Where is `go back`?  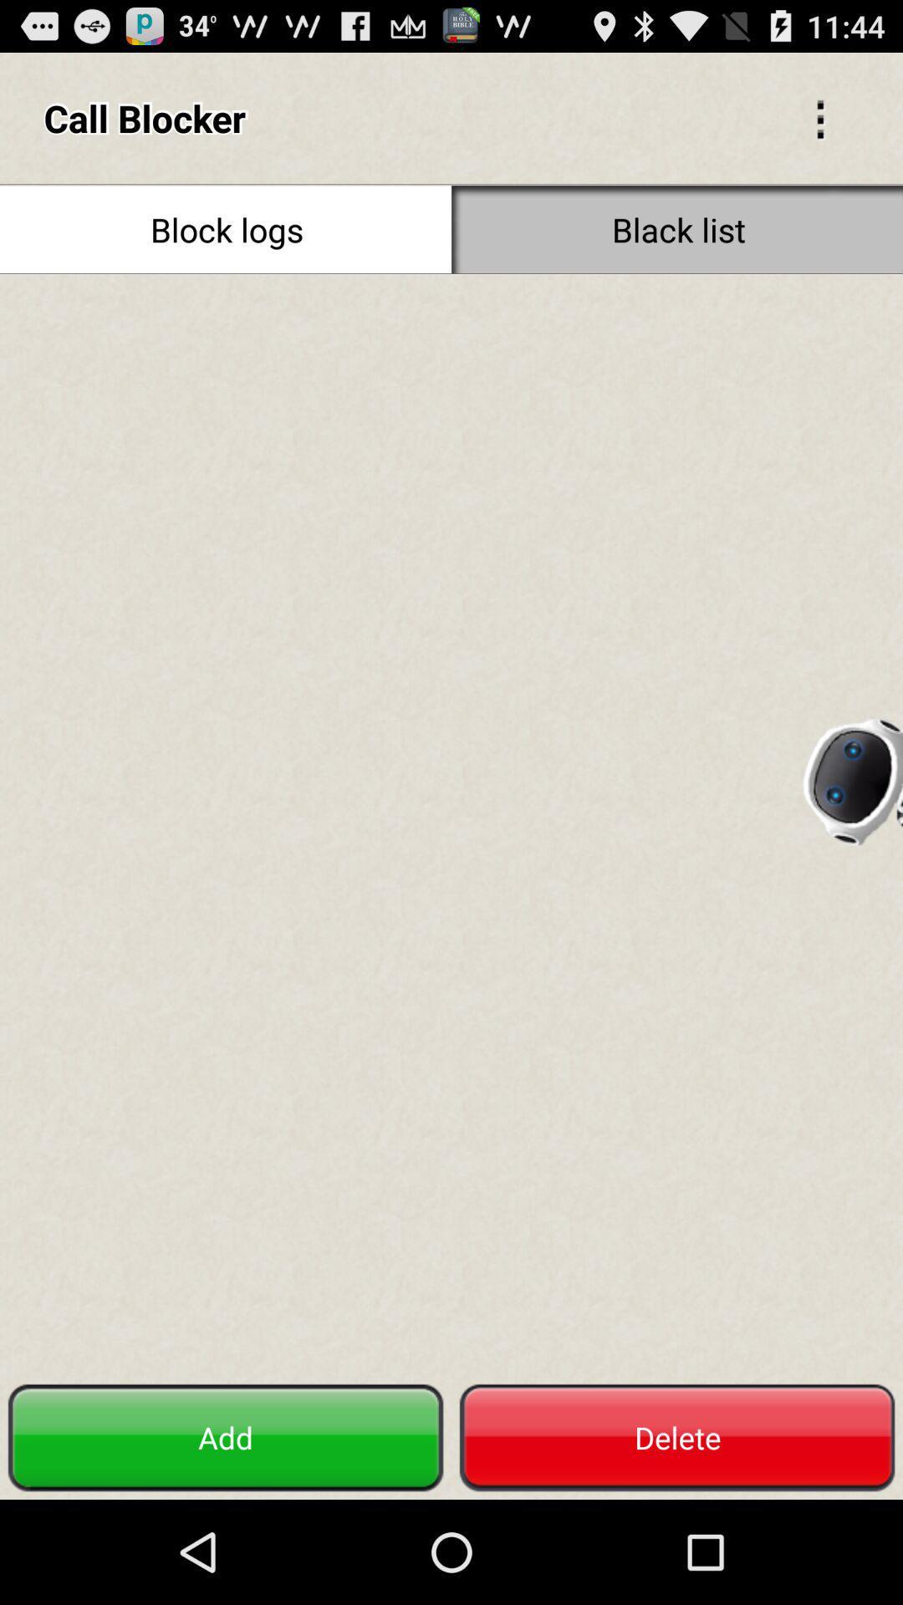 go back is located at coordinates (819, 117).